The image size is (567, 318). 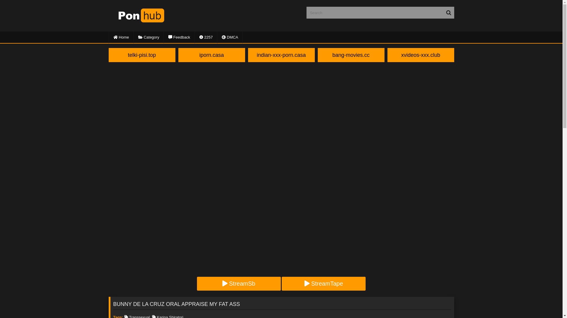 What do you see at coordinates (179, 37) in the screenshot?
I see `'Feedback'` at bounding box center [179, 37].